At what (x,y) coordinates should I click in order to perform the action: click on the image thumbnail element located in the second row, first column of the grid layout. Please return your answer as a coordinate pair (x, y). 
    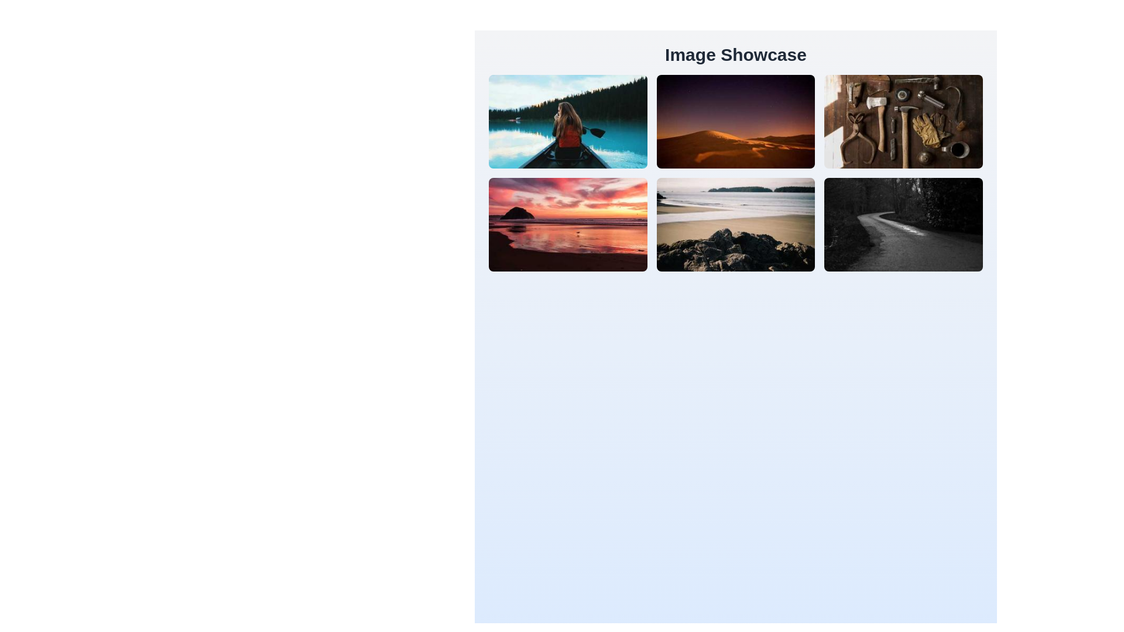
    Looking at the image, I should click on (568, 225).